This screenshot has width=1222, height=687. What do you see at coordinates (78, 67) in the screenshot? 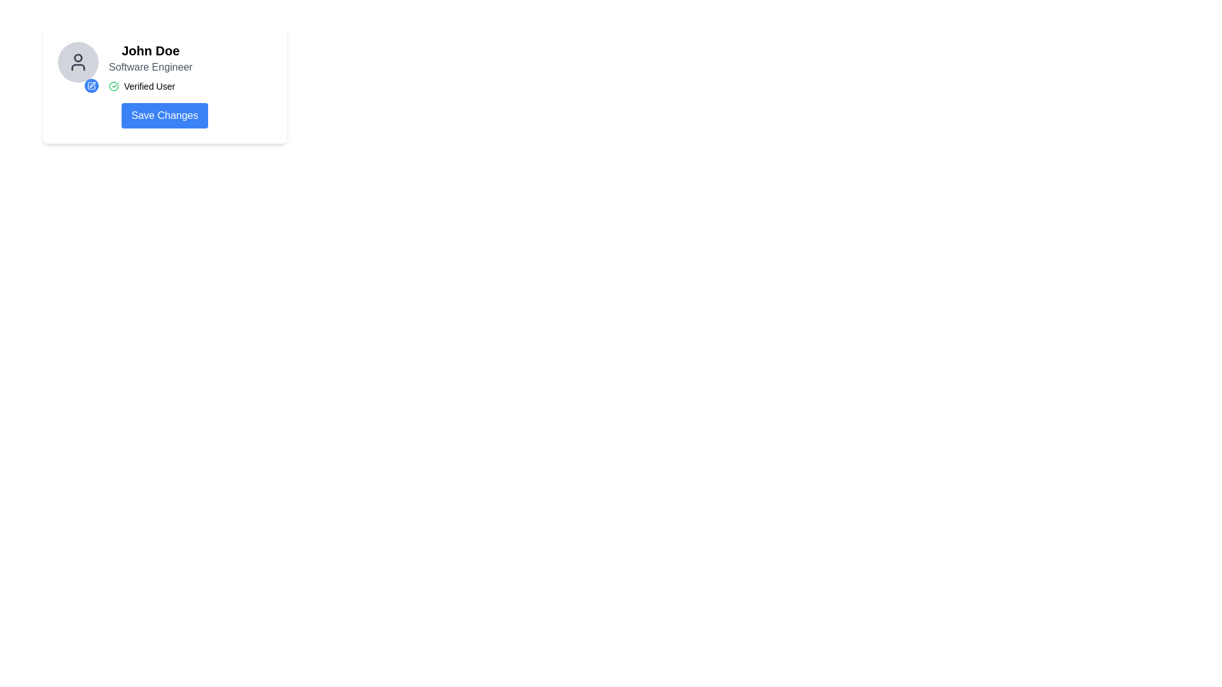
I see `the lower section of the user icon located in the top-left portion of the visible card, which slightly overlaps with the circle representing the user's head` at bounding box center [78, 67].